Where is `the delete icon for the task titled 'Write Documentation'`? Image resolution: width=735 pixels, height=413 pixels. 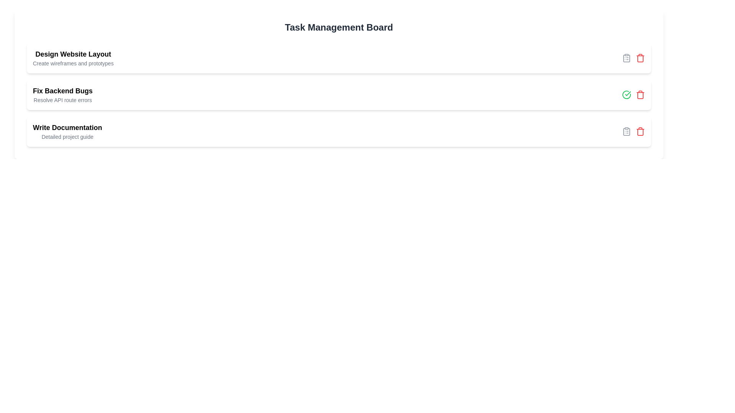
the delete icon for the task titled 'Write Documentation' is located at coordinates (640, 131).